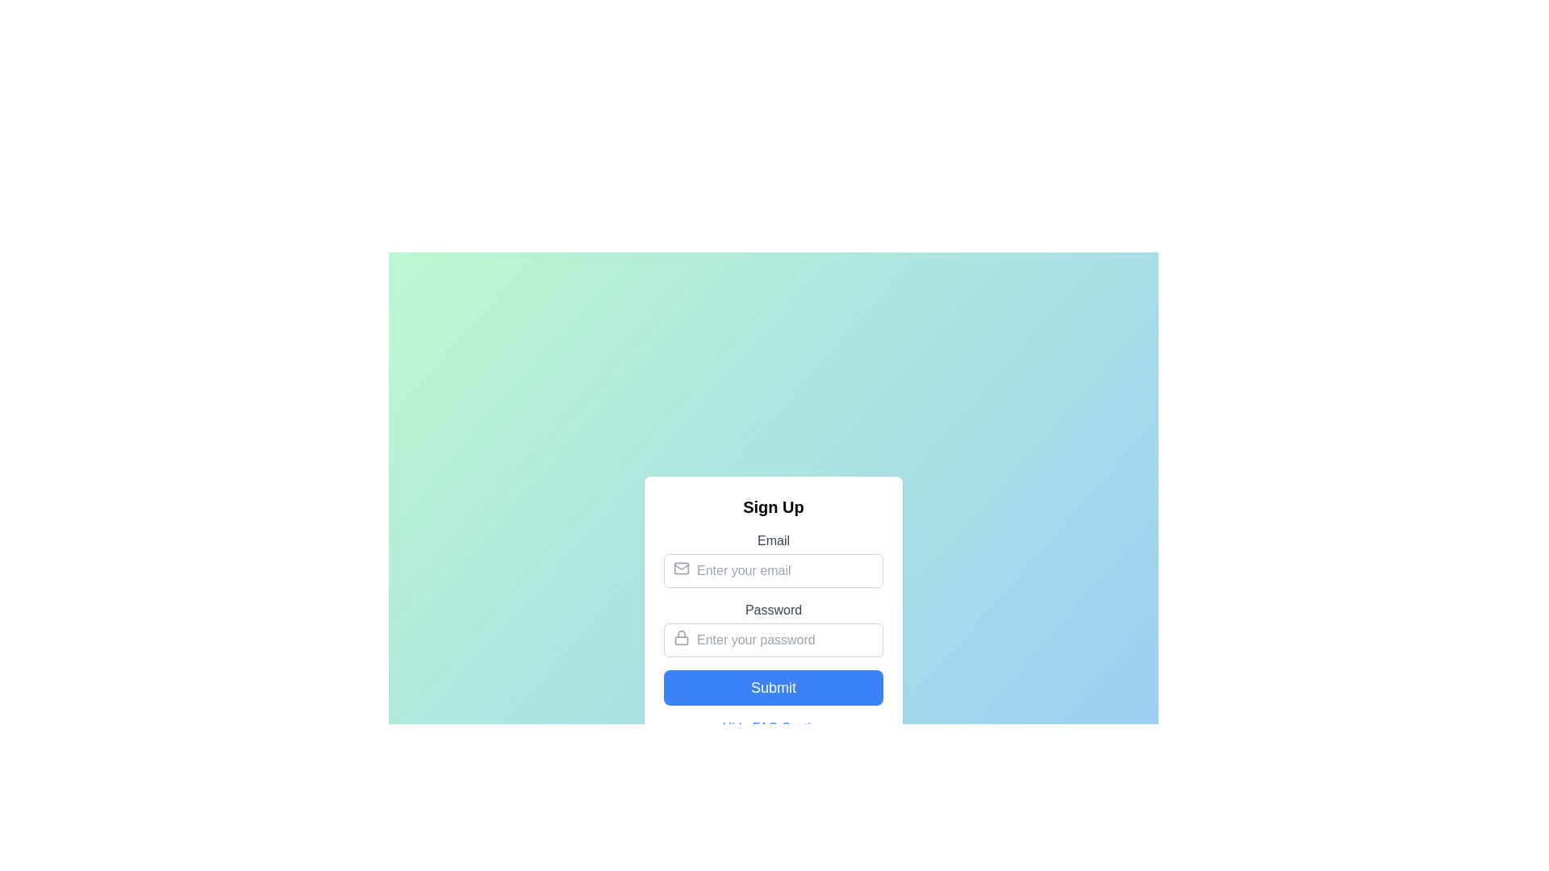 This screenshot has width=1549, height=871. What do you see at coordinates (773, 610) in the screenshot?
I see `the 'Password' label, which is a text label styled in medium font weight and dark gray color, positioned above the password input field in the sign-up form` at bounding box center [773, 610].